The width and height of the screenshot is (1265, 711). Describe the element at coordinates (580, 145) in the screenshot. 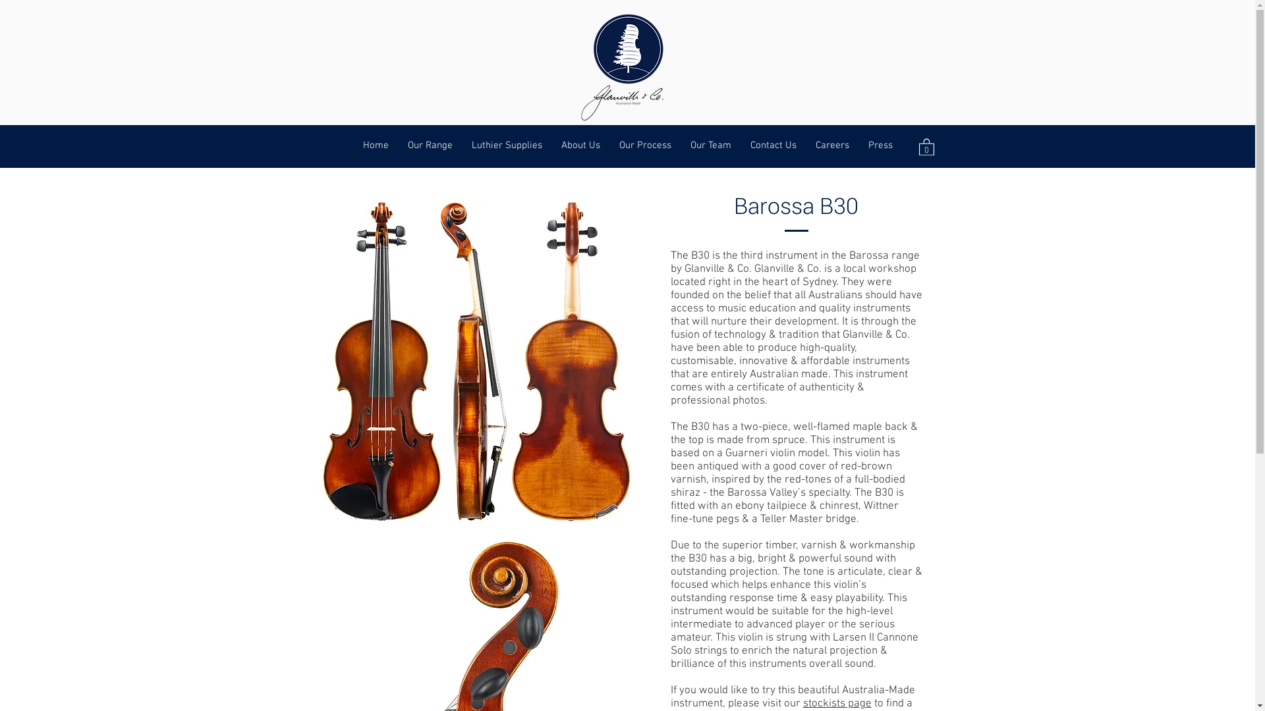

I see `'About Us'` at that location.